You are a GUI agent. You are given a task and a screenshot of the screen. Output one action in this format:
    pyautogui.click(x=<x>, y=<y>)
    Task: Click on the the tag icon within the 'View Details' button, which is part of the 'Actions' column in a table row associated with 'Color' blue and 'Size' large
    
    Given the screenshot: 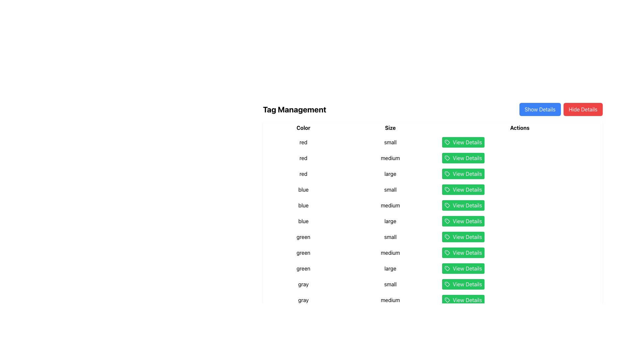 What is the action you would take?
    pyautogui.click(x=447, y=173)
    